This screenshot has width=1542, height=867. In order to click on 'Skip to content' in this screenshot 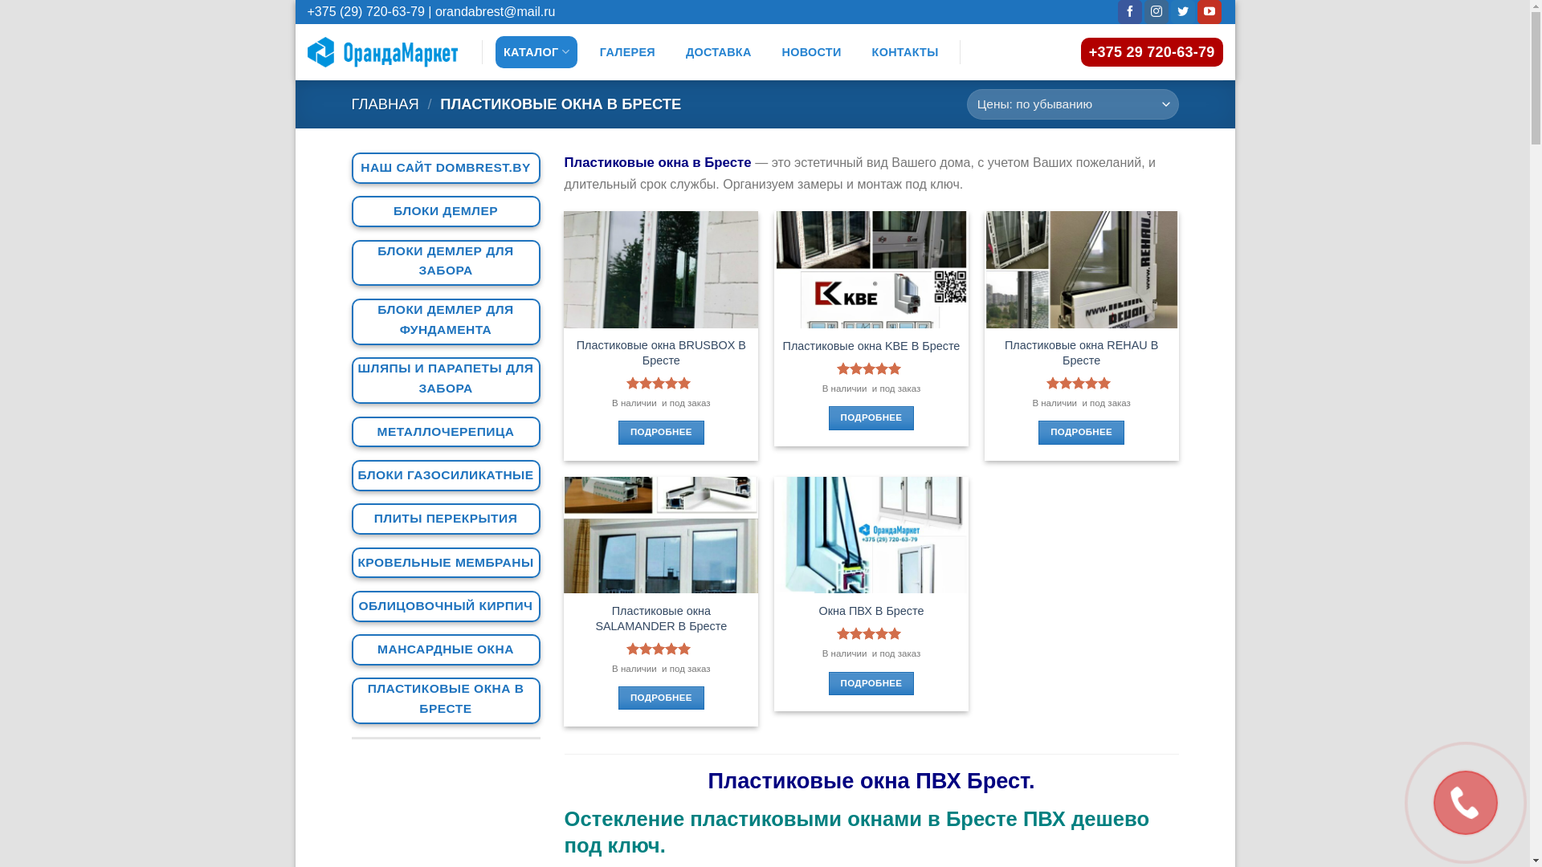, I will do `click(296, 0)`.